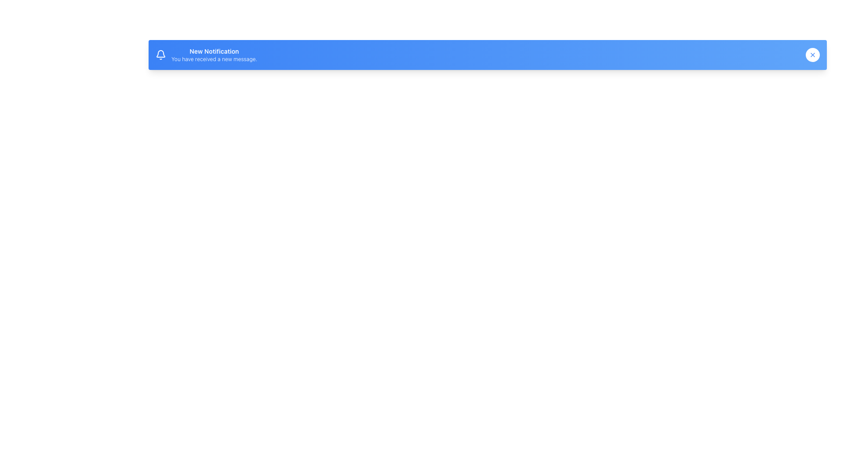 The height and width of the screenshot is (475, 844). I want to click on the close button located at the far right of the horizontal notification bar, so click(812, 55).